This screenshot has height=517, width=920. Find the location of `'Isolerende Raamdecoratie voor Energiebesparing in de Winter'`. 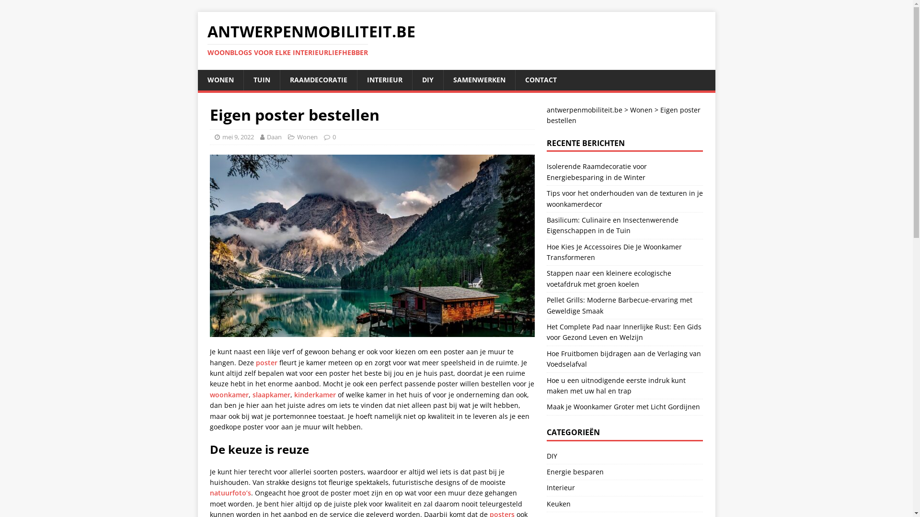

'Isolerende Raamdecoratie voor Energiebesparing in de Winter' is located at coordinates (596, 171).